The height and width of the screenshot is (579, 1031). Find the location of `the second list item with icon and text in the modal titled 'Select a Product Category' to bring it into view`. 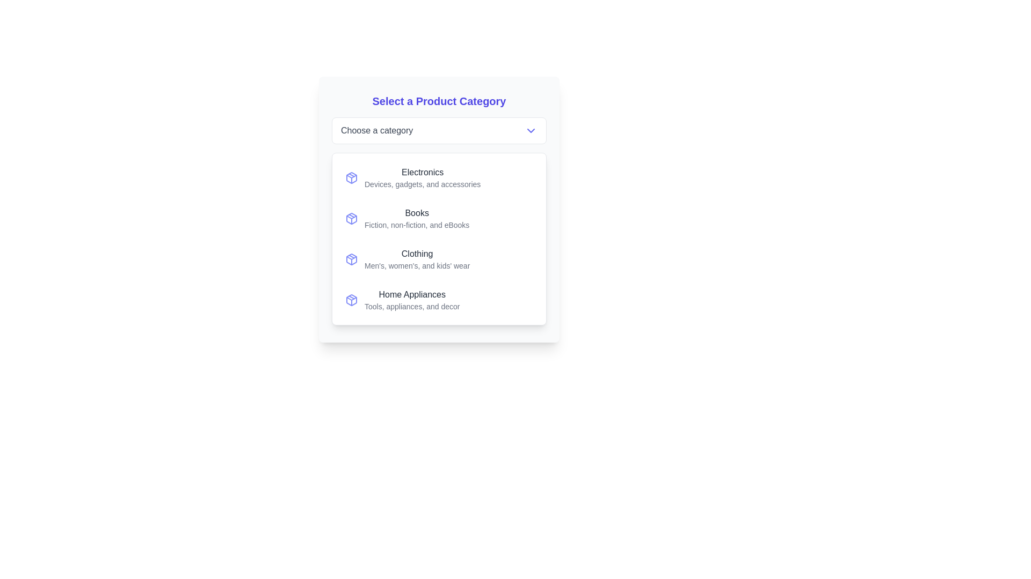

the second list item with icon and text in the modal titled 'Select a Product Category' to bring it into view is located at coordinates (406, 218).